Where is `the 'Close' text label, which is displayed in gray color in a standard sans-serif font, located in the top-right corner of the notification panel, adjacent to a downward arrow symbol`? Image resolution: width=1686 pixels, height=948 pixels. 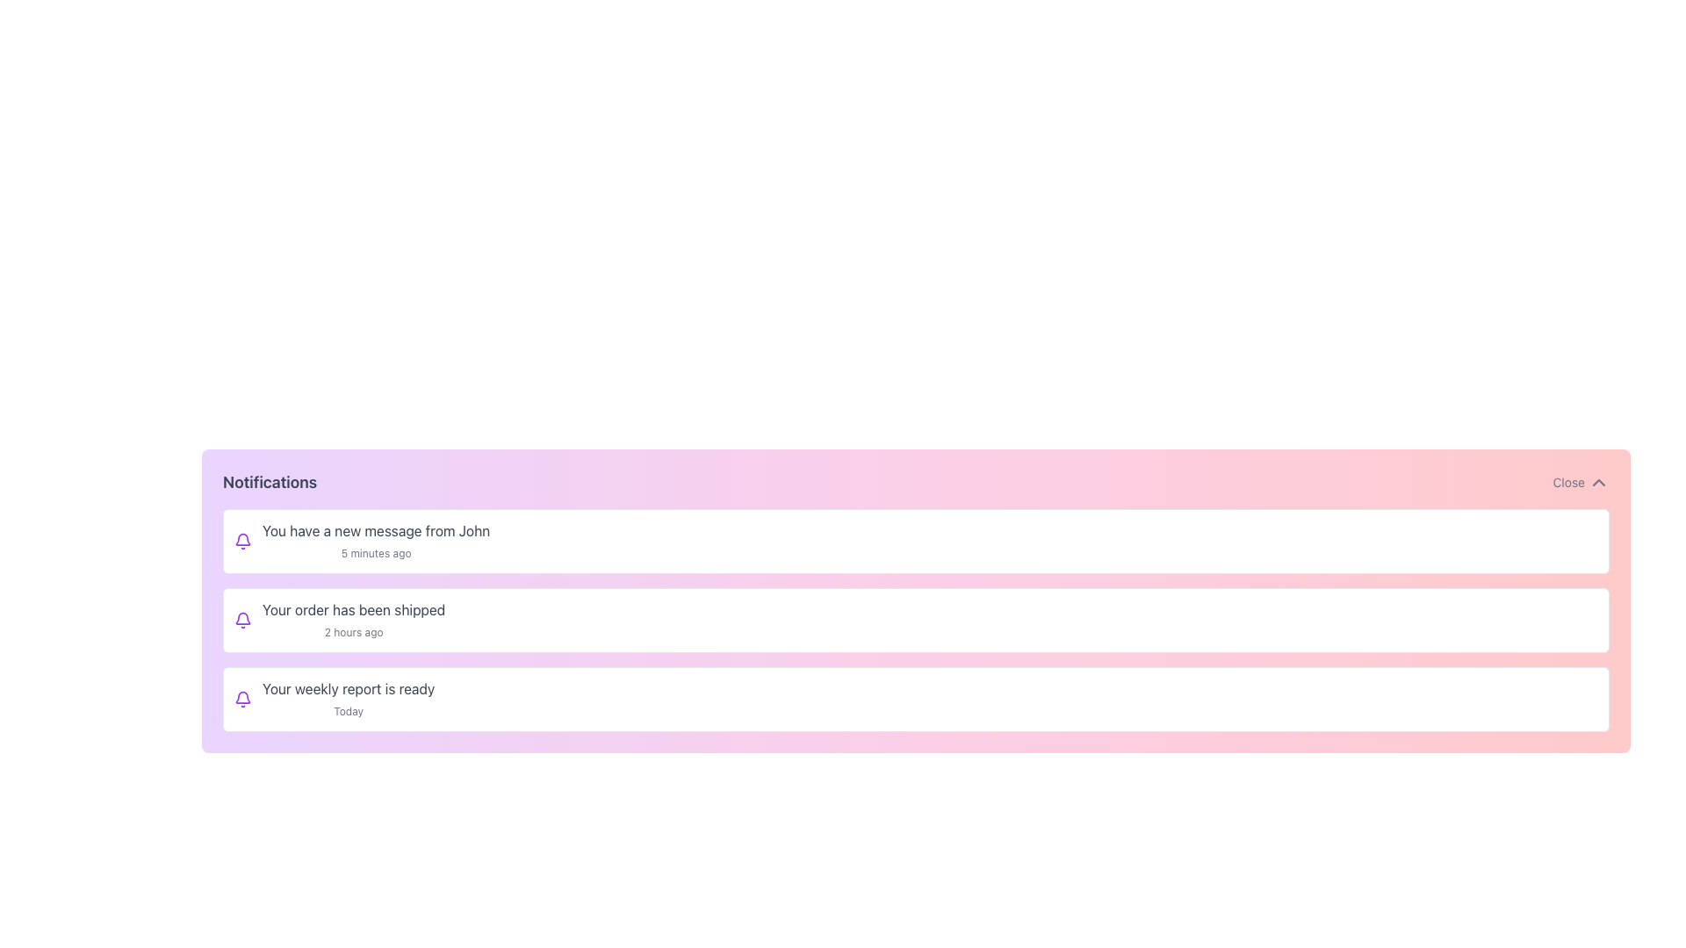
the 'Close' text label, which is displayed in gray color in a standard sans-serif font, located in the top-right corner of the notification panel, adjacent to a downward arrow symbol is located at coordinates (1568, 483).